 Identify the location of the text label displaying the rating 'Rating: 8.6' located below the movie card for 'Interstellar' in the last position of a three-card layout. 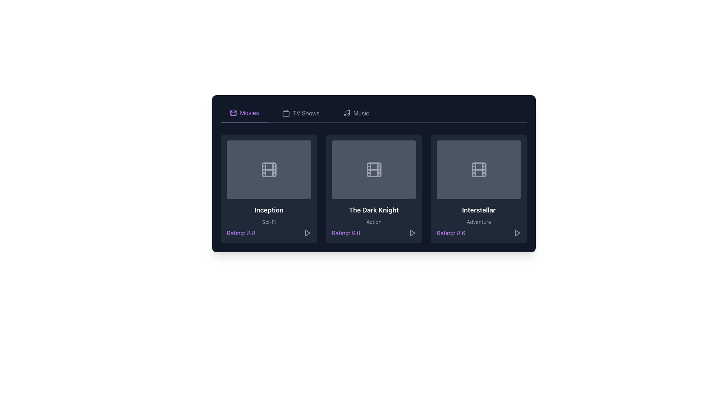
(450, 233).